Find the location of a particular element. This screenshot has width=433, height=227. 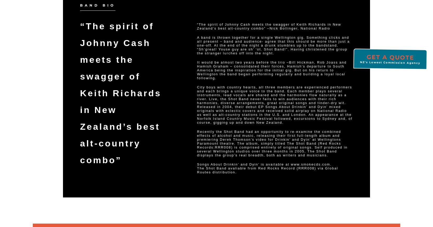

'“The spirit of Johnny Cash meets the swagger of Keith Richards in New Zealand’s best alt-country combo” –Nick Bollinger, National Radio' is located at coordinates (269, 26).